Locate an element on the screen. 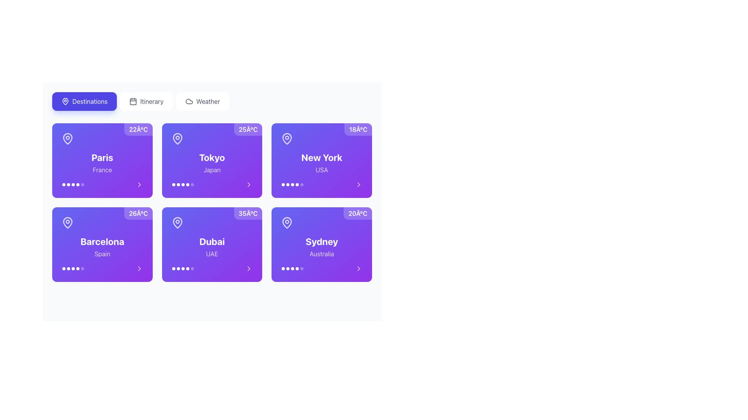 The height and width of the screenshot is (420, 748). the first button in the horizontal group of three buttons at the top-left of the interface is located at coordinates (85, 101).